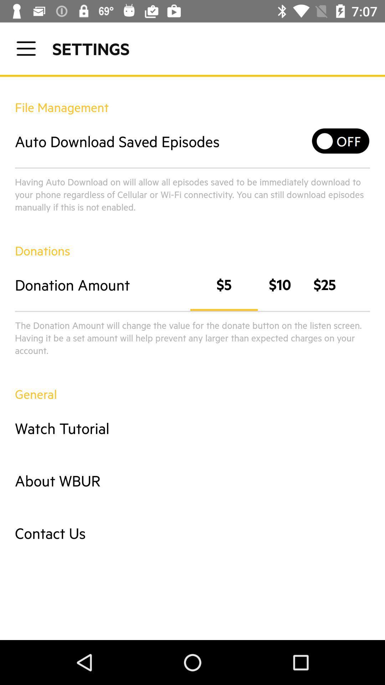 Image resolution: width=385 pixels, height=685 pixels. Describe the element at coordinates (26, 48) in the screenshot. I see `open a menu` at that location.